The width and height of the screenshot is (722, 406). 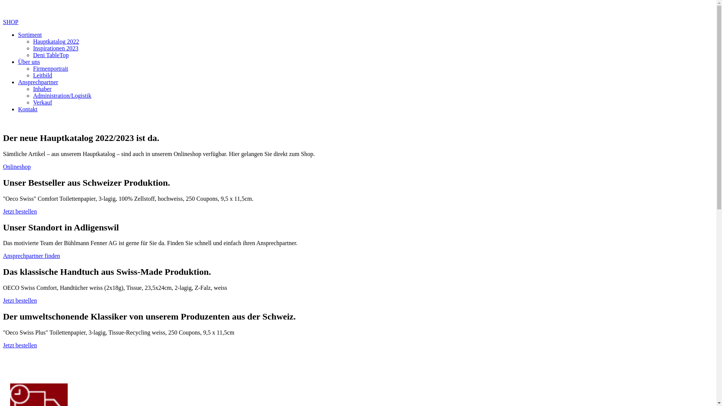 What do you see at coordinates (3, 18) in the screenshot?
I see `'SHOP'` at bounding box center [3, 18].